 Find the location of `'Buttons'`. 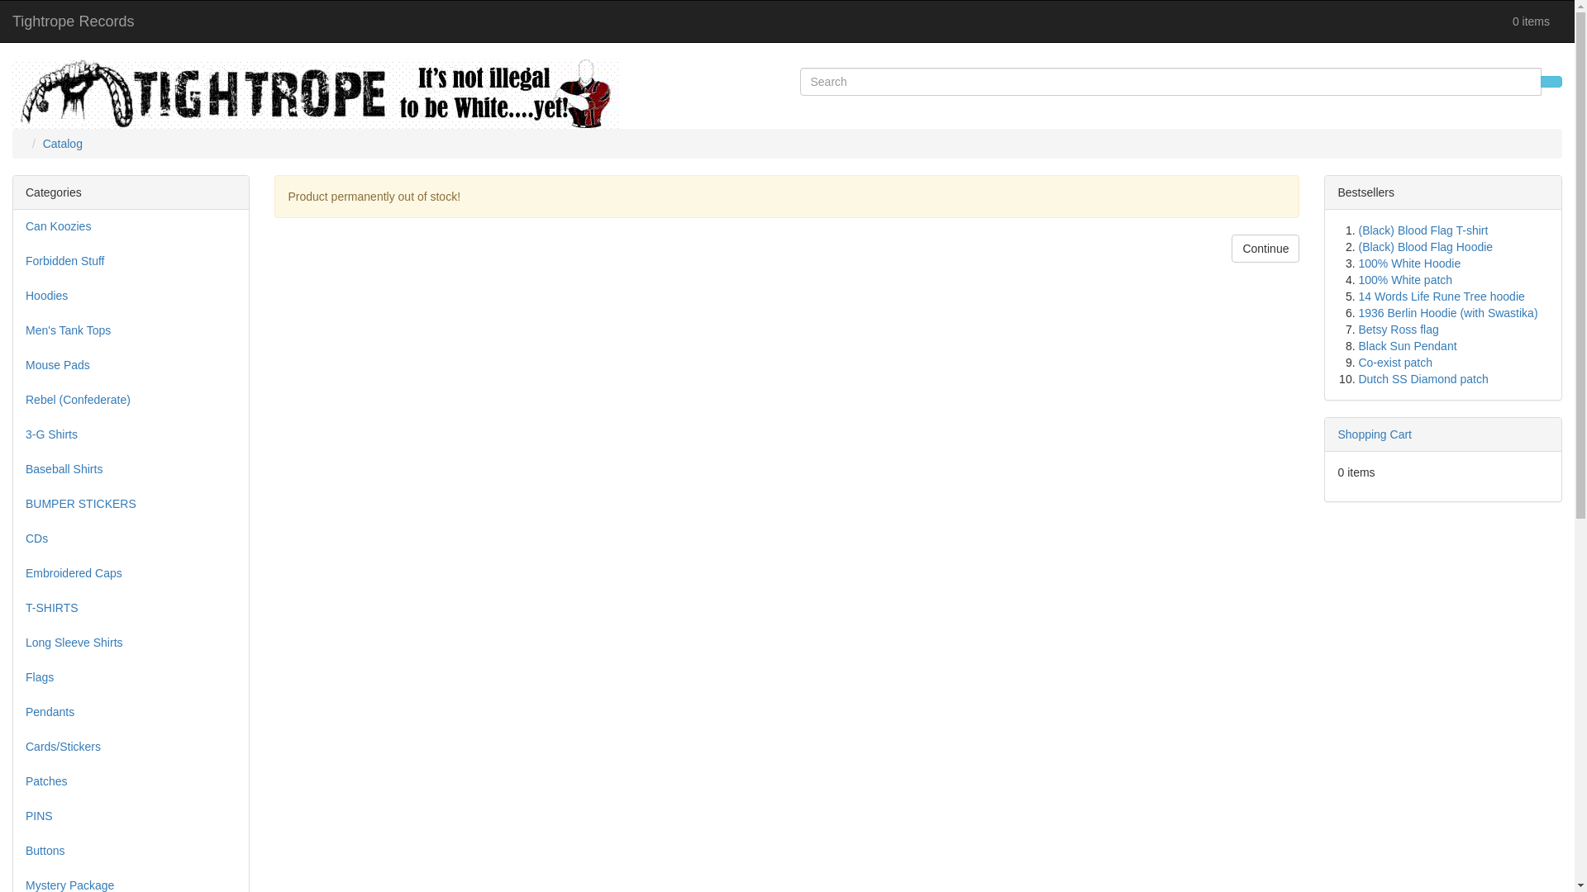

'Buttons' is located at coordinates (12, 850).